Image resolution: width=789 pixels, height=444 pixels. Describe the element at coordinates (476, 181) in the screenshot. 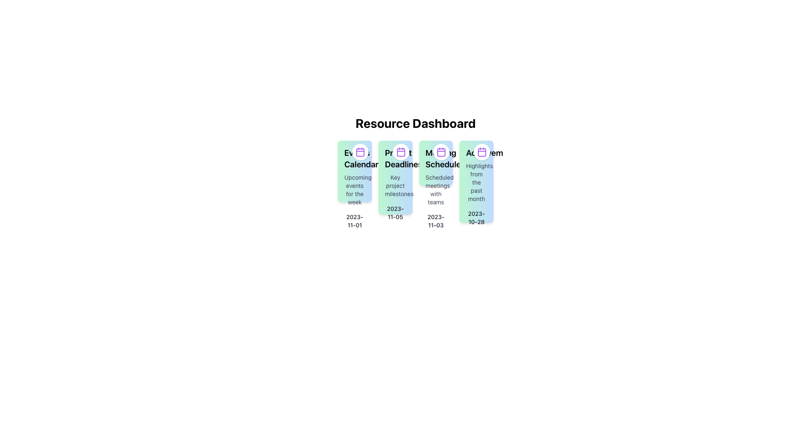

I see `the Information Card displaying achievements from the past month, located in the fourth column of the grid layout` at that location.